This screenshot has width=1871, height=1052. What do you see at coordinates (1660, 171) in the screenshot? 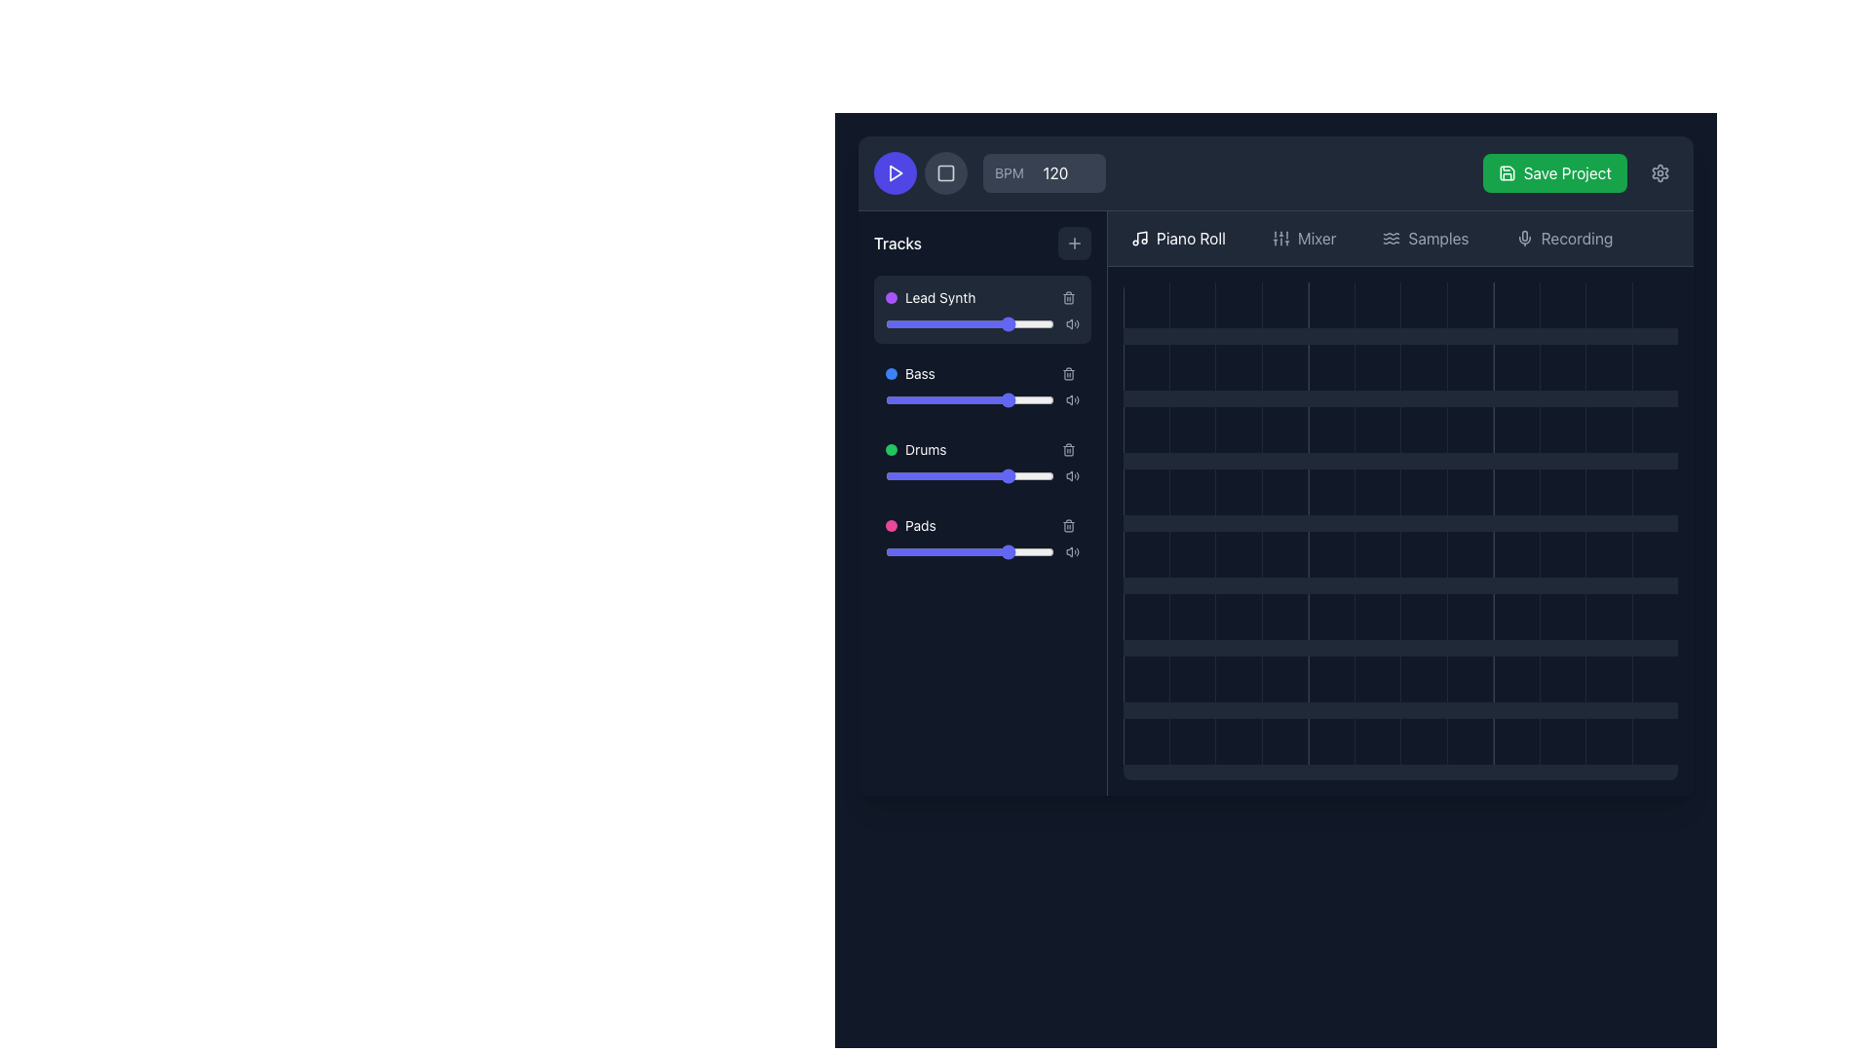
I see `the settings icon button located in the top-right section of the interface` at bounding box center [1660, 171].